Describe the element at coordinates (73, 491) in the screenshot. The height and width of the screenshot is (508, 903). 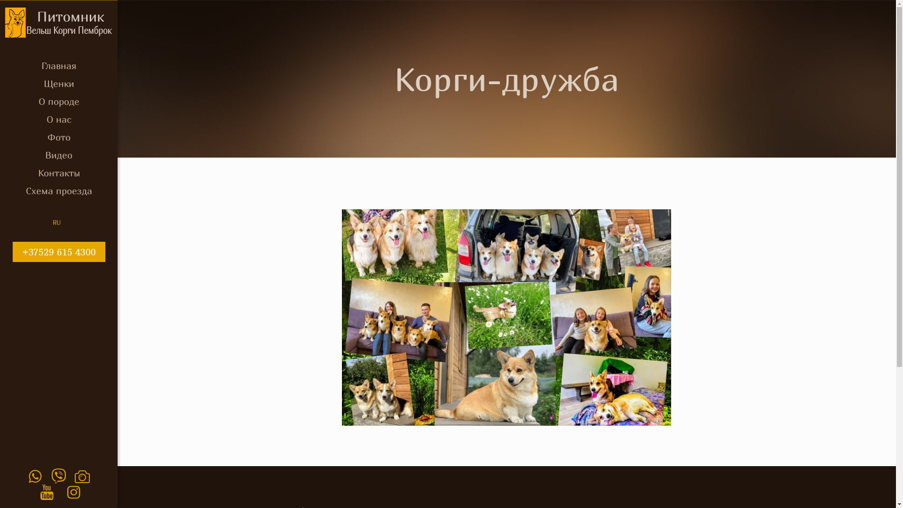
I see `'Instagram'` at that location.